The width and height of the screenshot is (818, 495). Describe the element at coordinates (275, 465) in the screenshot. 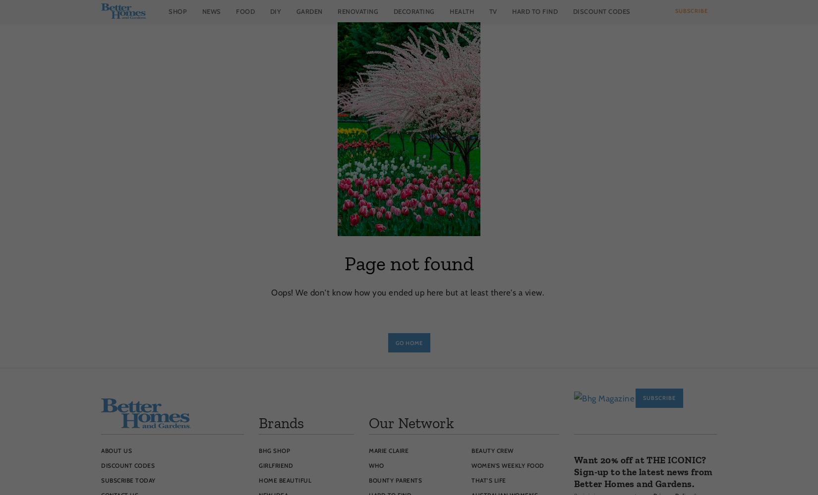

I see `'Girlfriend'` at that location.